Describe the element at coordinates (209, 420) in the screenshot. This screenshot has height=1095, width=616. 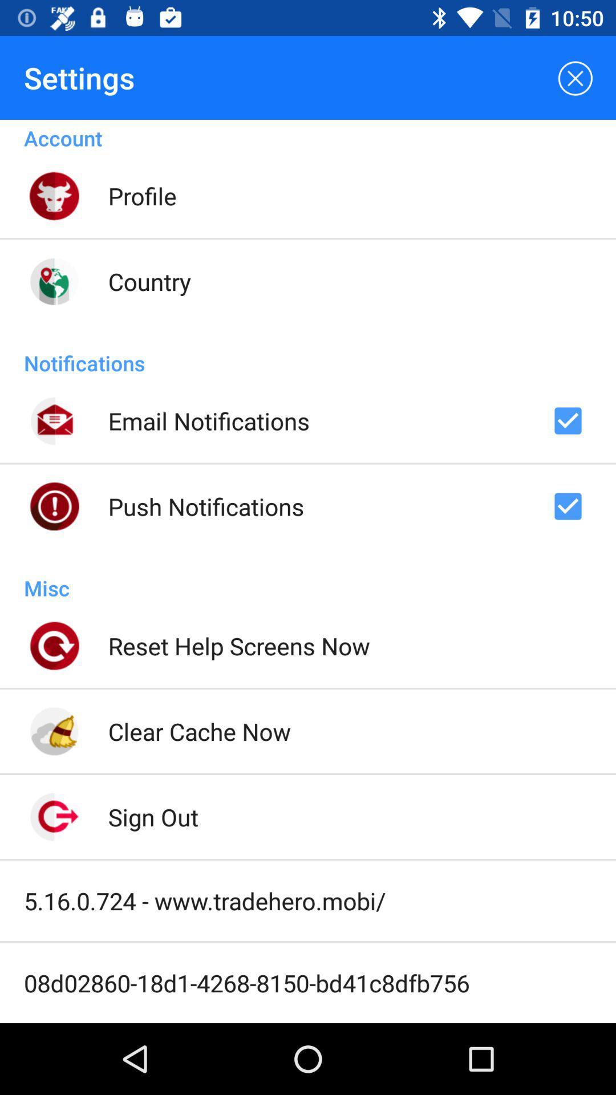
I see `email notifications item` at that location.